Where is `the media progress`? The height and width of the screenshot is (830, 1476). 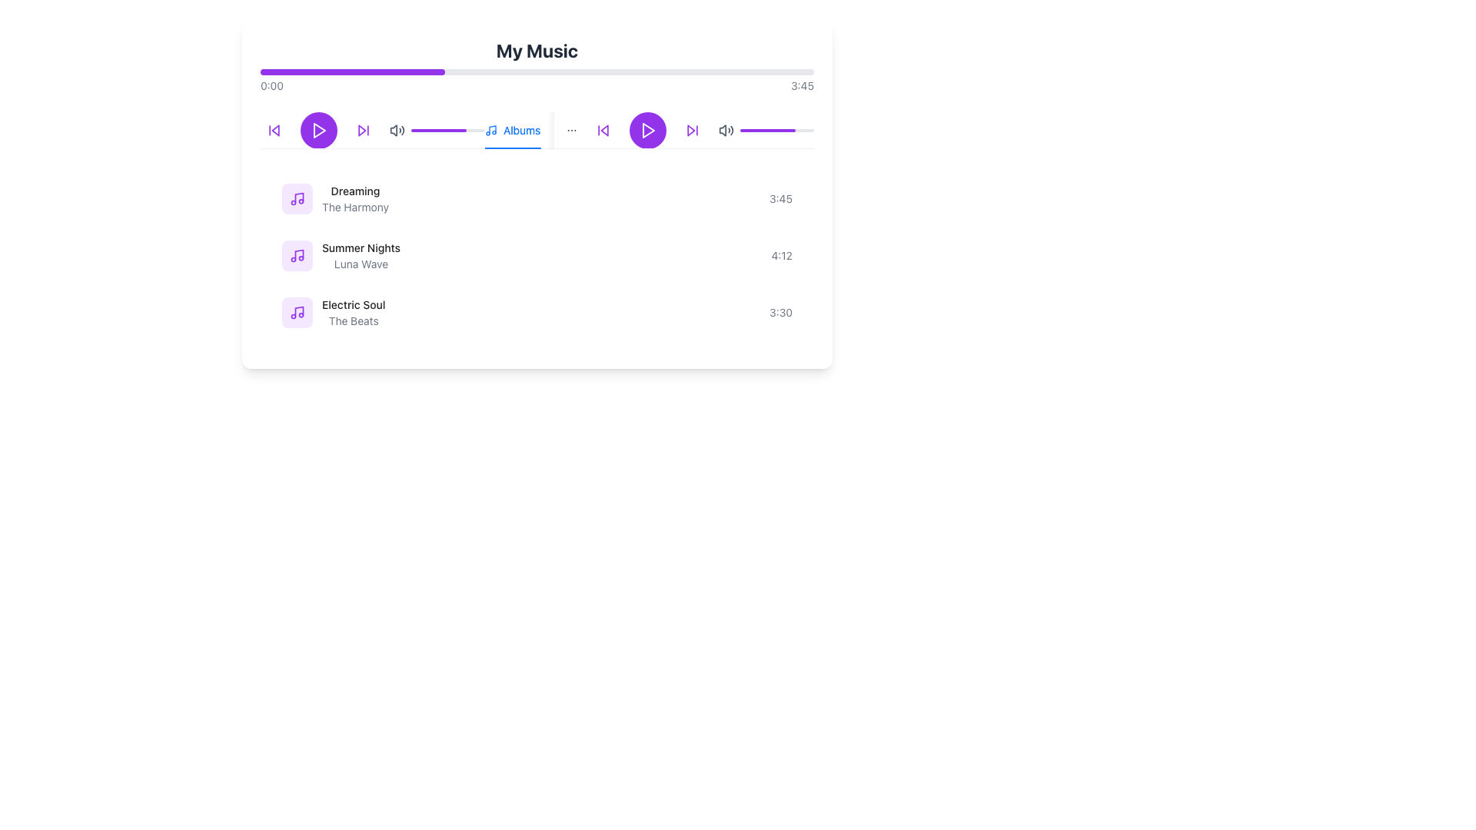 the media progress is located at coordinates (367, 71).